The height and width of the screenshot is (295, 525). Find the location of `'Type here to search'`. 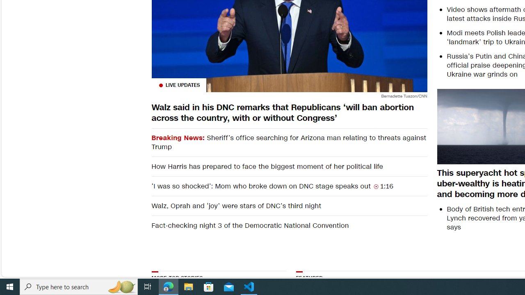

'Type here to search' is located at coordinates (79, 286).